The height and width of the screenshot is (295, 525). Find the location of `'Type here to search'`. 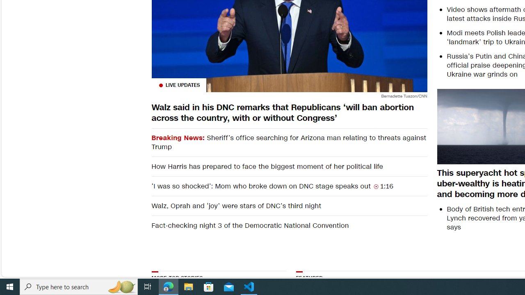

'Type here to search' is located at coordinates (79, 286).